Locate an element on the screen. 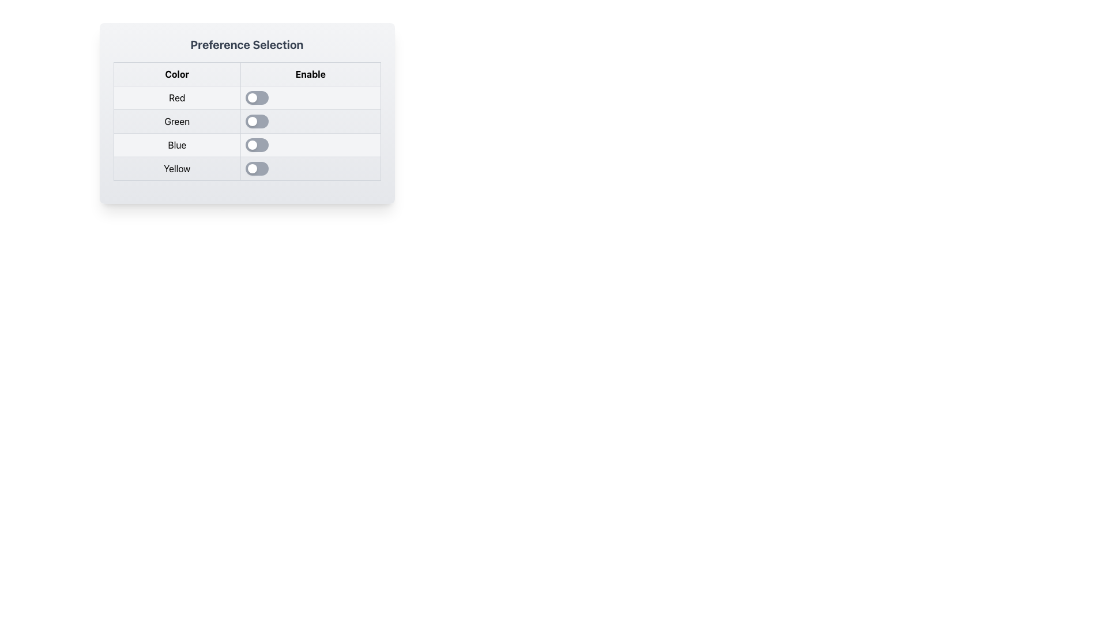 This screenshot has height=622, width=1107. the small circular knob of the toggle switch located in the 'Enable' column of the 'Green' row in the 'Preference Selection' table is located at coordinates (251, 122).